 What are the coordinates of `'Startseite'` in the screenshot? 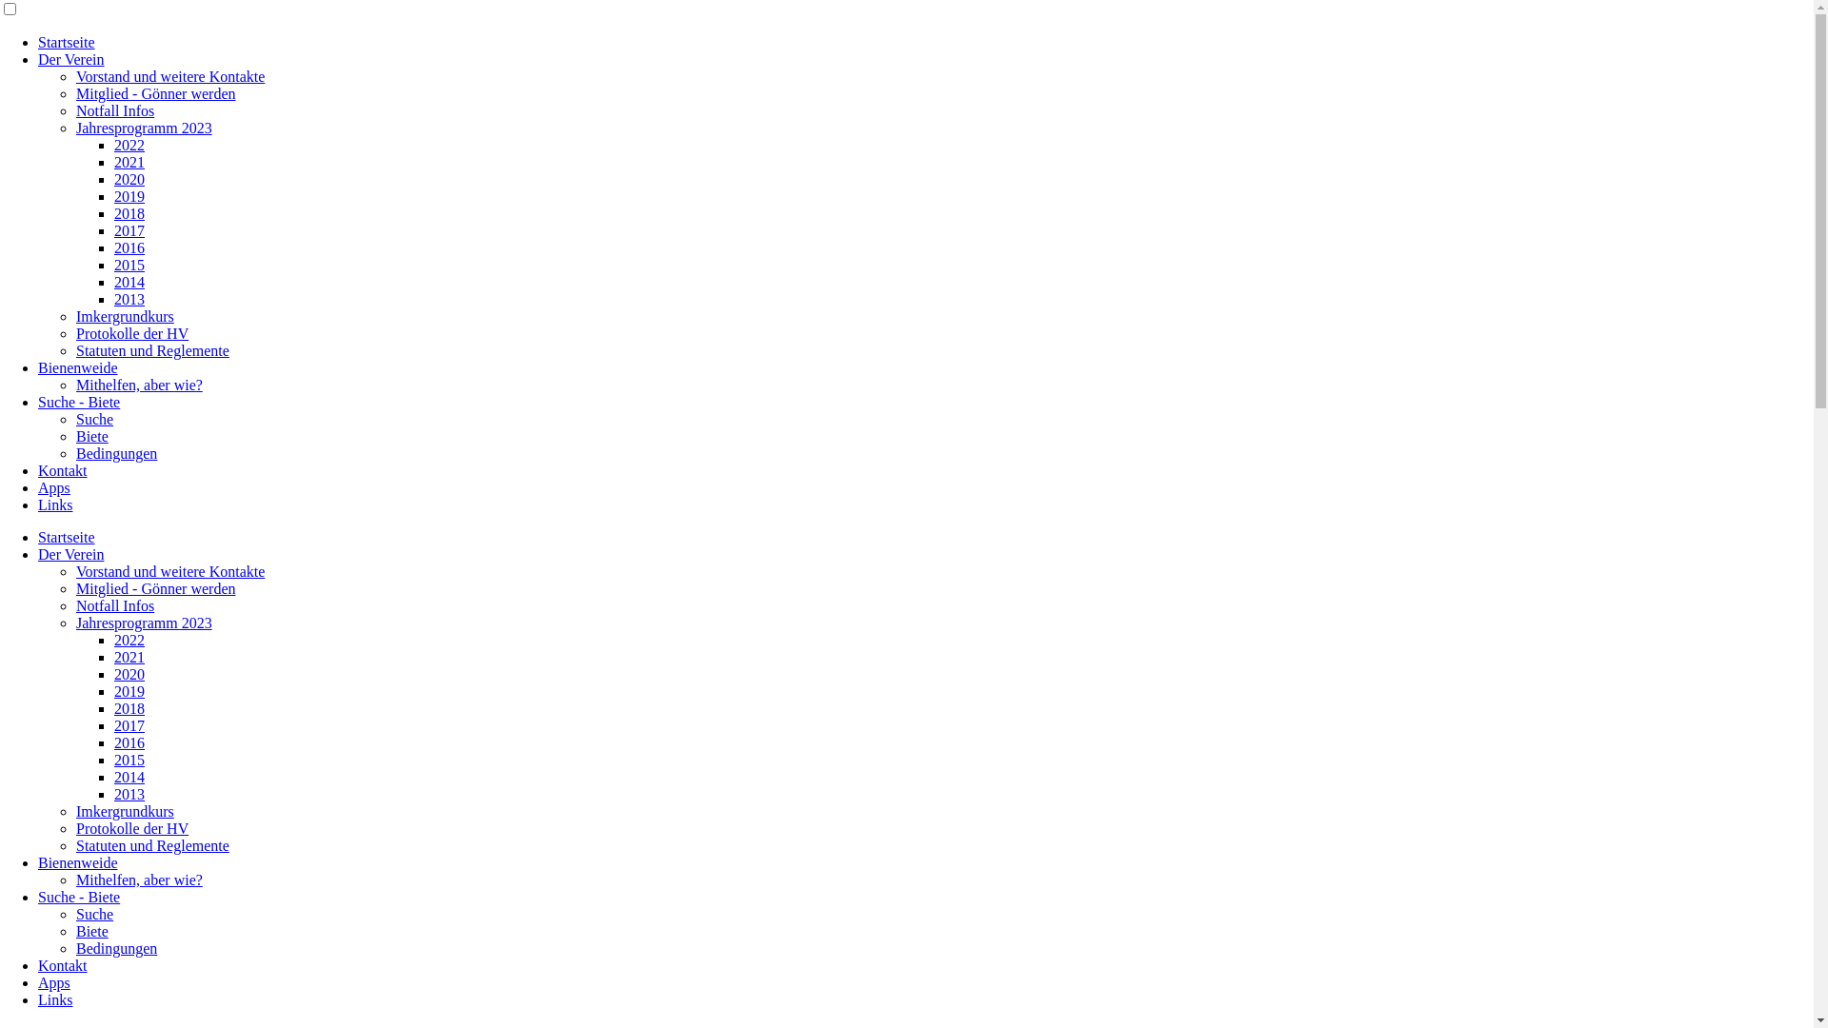 It's located at (67, 42).